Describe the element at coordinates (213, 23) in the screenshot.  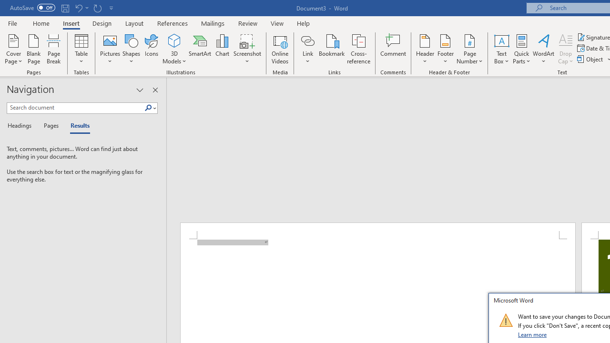
I see `'Mailings'` at that location.